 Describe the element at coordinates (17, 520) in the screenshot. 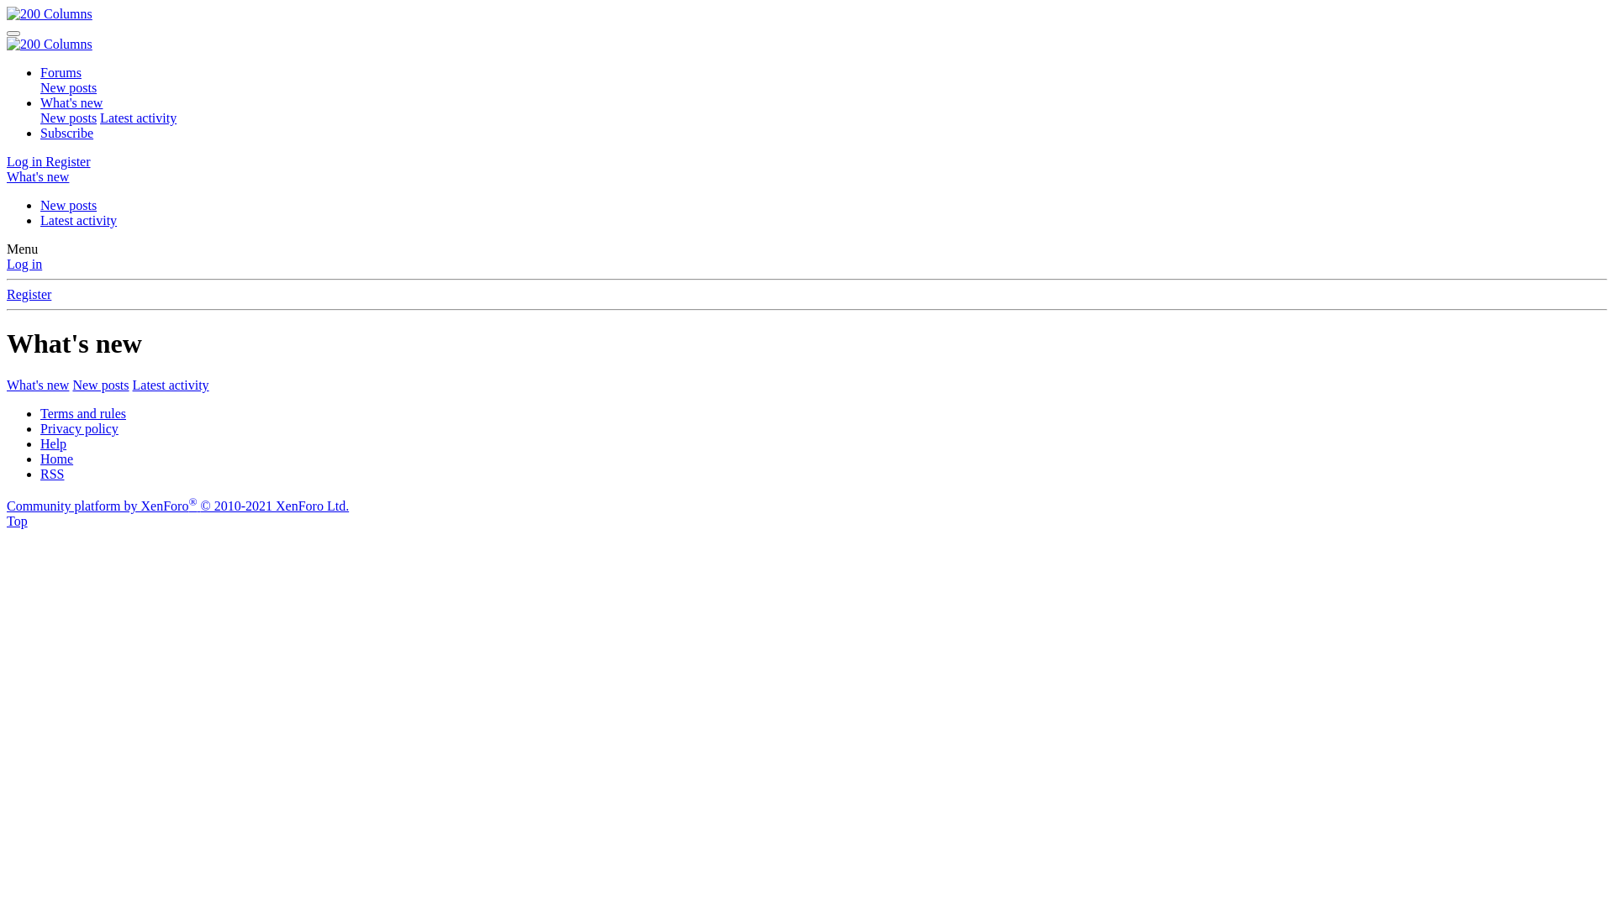

I see `'Top'` at that location.